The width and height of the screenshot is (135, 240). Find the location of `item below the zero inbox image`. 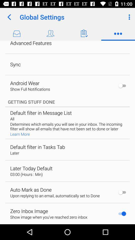

item below the zero inbox image is located at coordinates (48, 217).